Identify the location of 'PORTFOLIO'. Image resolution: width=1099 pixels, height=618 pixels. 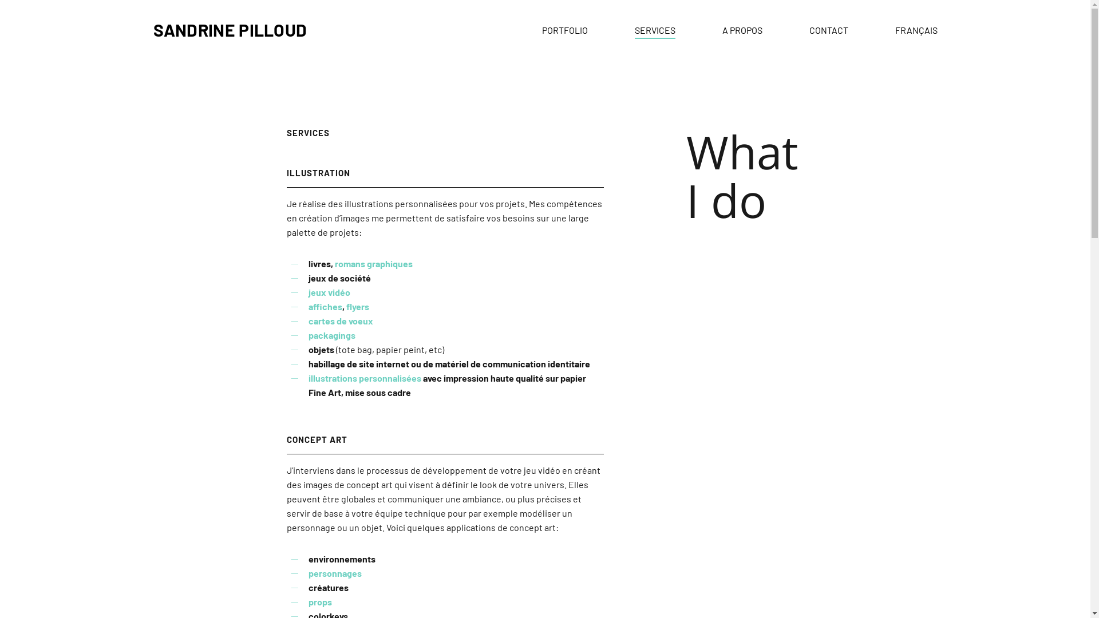
(564, 29).